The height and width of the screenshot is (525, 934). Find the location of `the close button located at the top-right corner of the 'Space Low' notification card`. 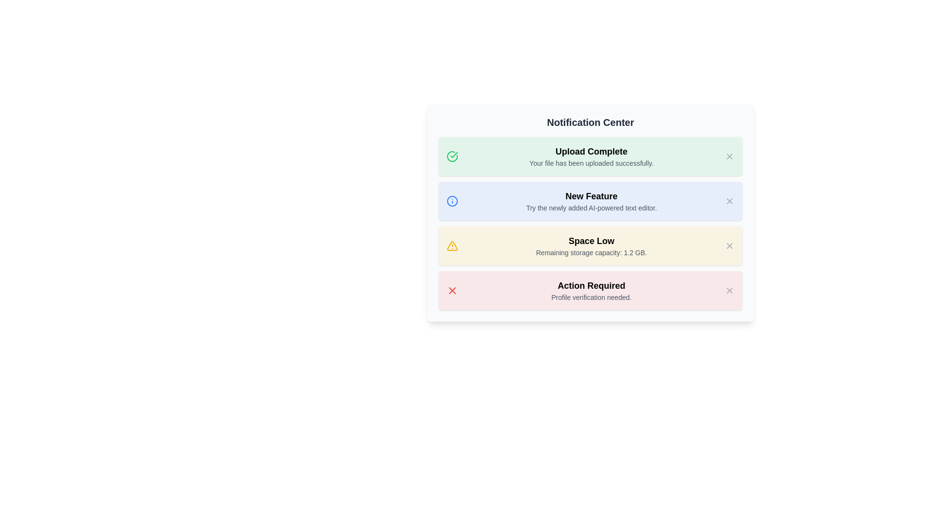

the close button located at the top-right corner of the 'Space Low' notification card is located at coordinates (729, 245).